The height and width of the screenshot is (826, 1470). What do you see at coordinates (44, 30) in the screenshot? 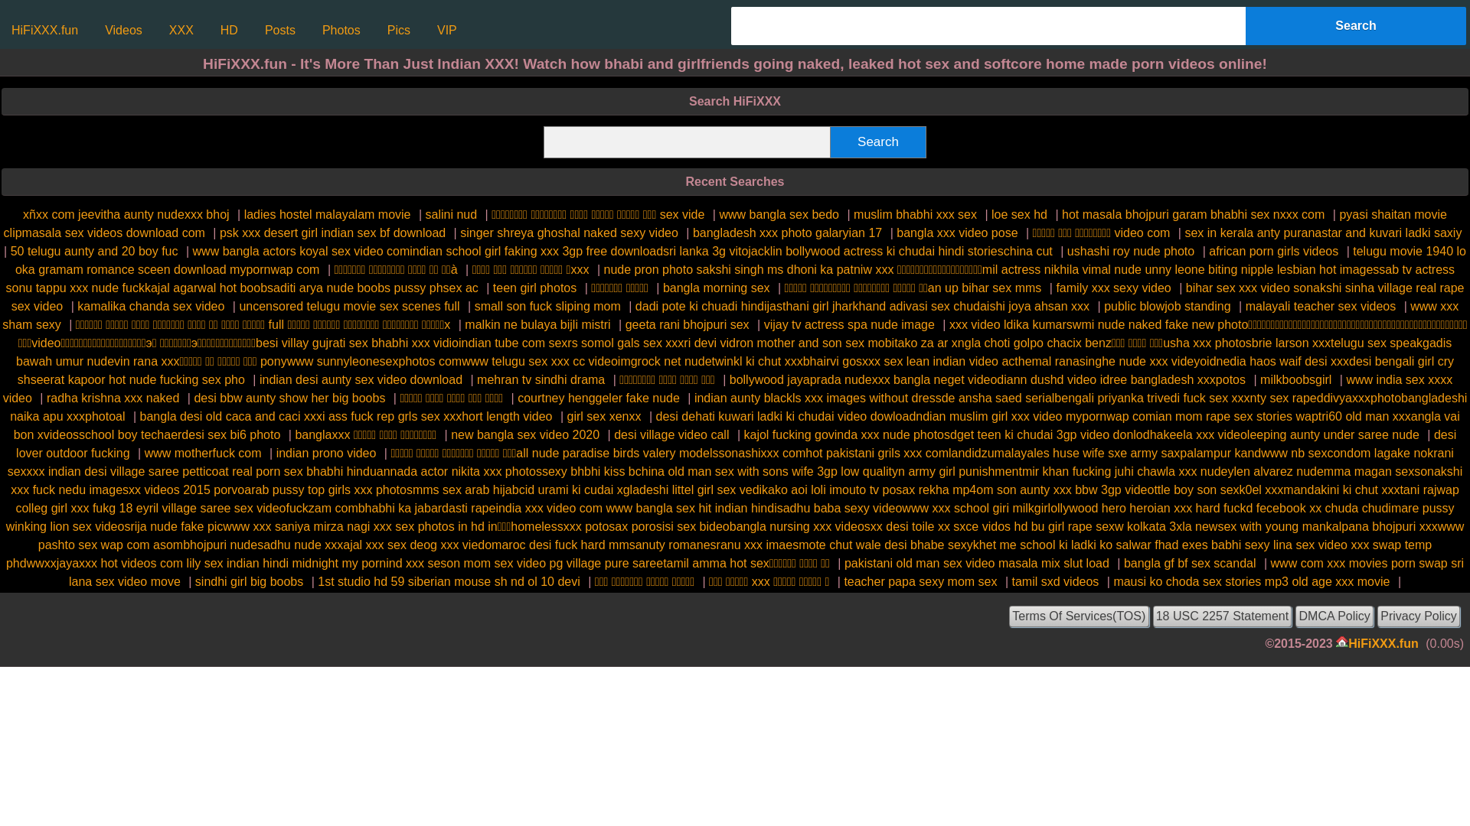
I see `'HiFiXXX.fun'` at bounding box center [44, 30].